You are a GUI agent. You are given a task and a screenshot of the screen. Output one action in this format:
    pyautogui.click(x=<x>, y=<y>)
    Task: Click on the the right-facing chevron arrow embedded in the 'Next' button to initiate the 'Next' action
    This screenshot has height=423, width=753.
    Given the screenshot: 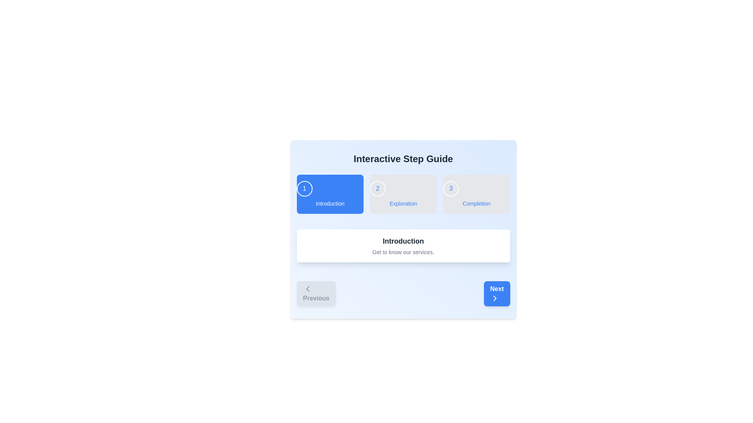 What is the action you would take?
    pyautogui.click(x=494, y=298)
    